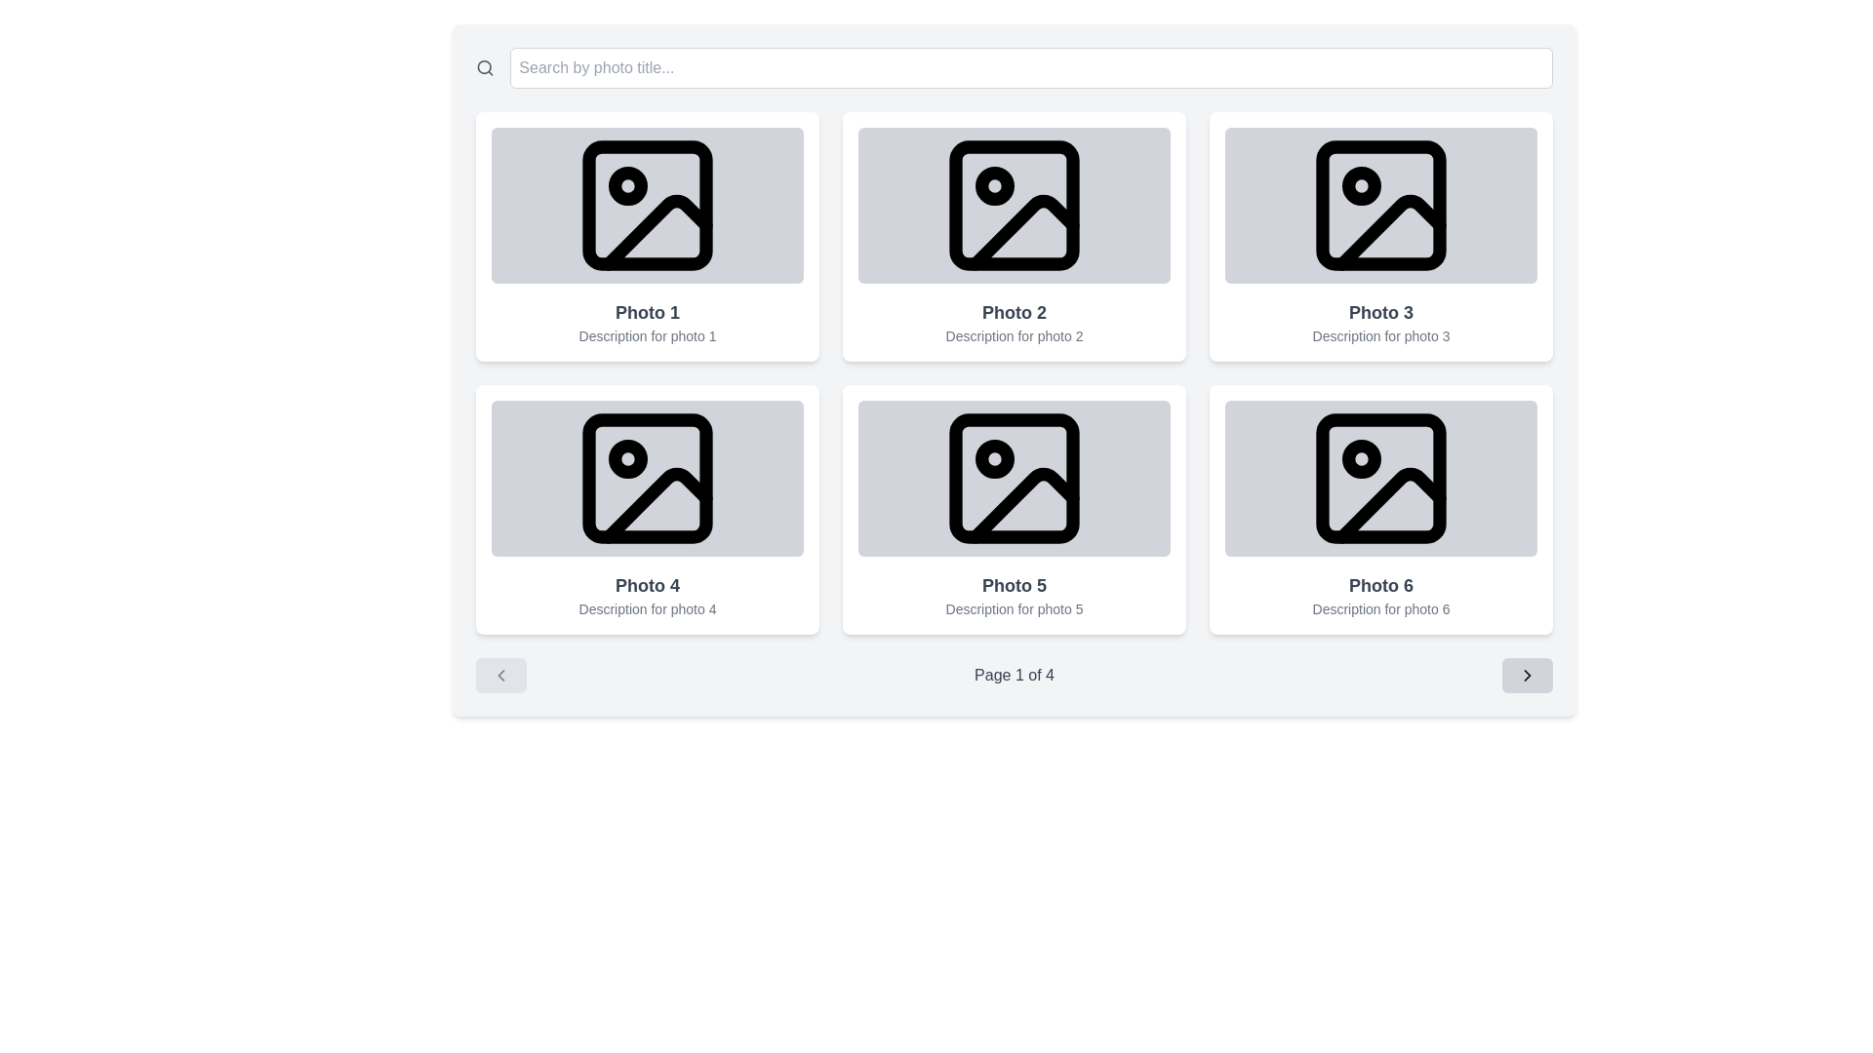 Image resolution: width=1873 pixels, height=1053 pixels. What do you see at coordinates (1015, 311) in the screenshot?
I see `the Text label that serves as the title for the second card in the first row of the card grid layout, positioned below the image placeholder and above the description text` at bounding box center [1015, 311].